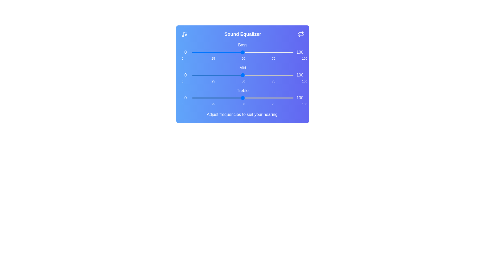 Image resolution: width=499 pixels, height=280 pixels. I want to click on the bass slider to 71%, so click(264, 52).